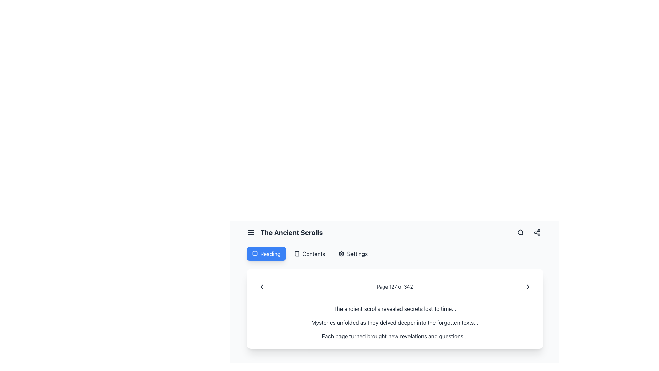  What do you see at coordinates (395, 286) in the screenshot?
I see `the text label that reads 'Page 127 of 342', which is centrally aligned and placed between two navigation buttons` at bounding box center [395, 286].